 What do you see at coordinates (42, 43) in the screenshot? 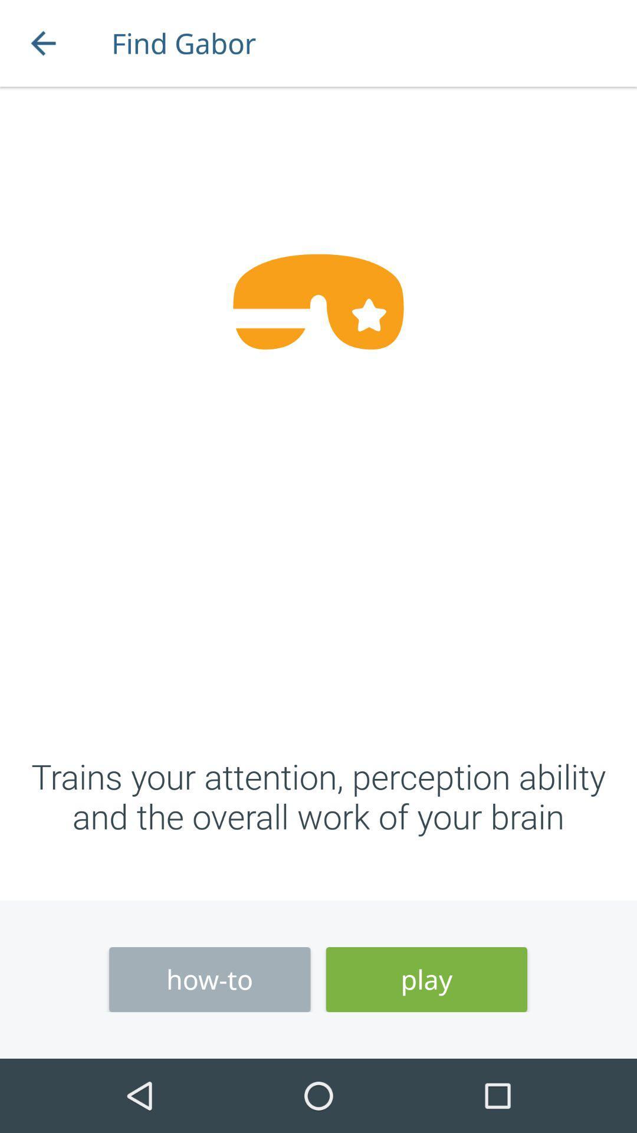
I see `icon above the trains your attention` at bounding box center [42, 43].